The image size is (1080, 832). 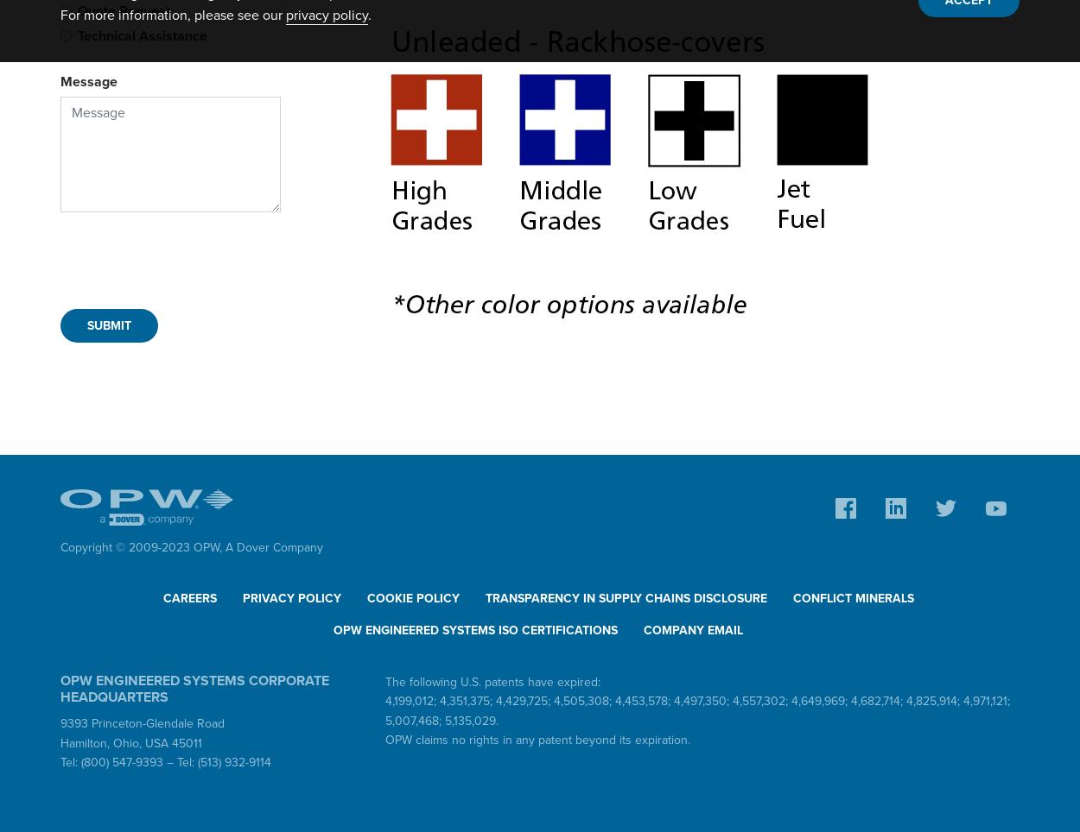 What do you see at coordinates (384, 709) in the screenshot?
I see `'4,199,012; 4,351,375; 4,429,725; 4,505,308; 4,453,578; 4,497,350; 4,557,302; 4,649,969; 4,682,714; 4,825,914; 4,971,121; 5,007,468; 5,135,029.'` at bounding box center [384, 709].